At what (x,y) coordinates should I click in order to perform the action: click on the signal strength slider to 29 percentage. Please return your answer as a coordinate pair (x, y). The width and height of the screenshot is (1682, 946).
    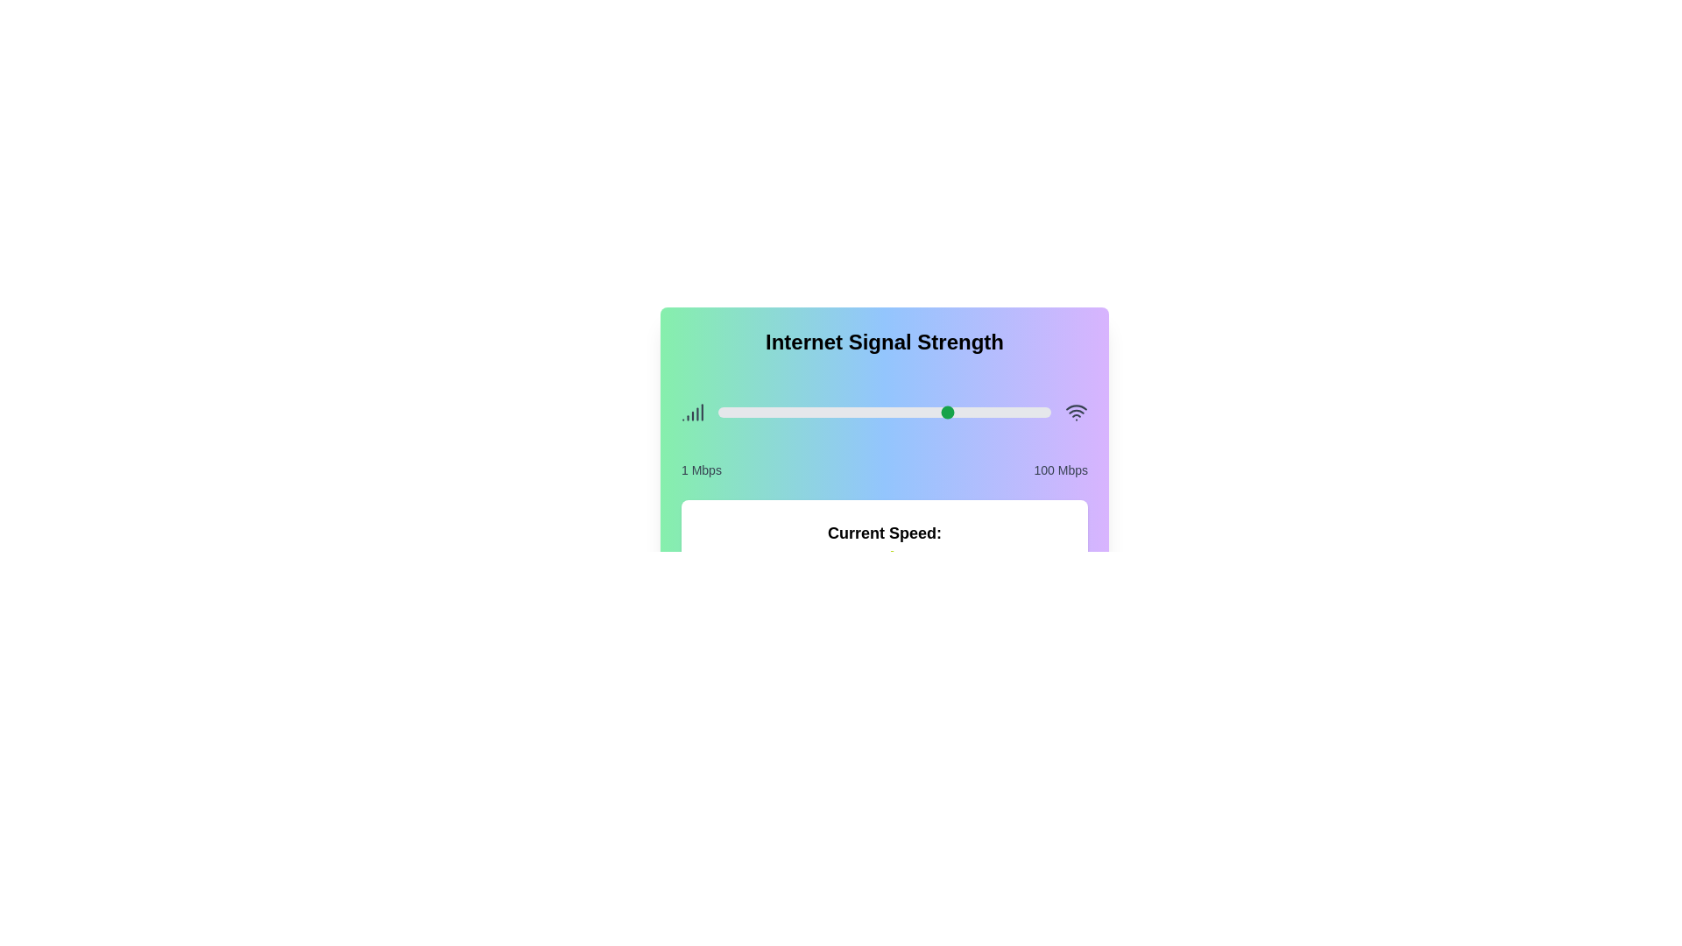
    Looking at the image, I should click on (813, 412).